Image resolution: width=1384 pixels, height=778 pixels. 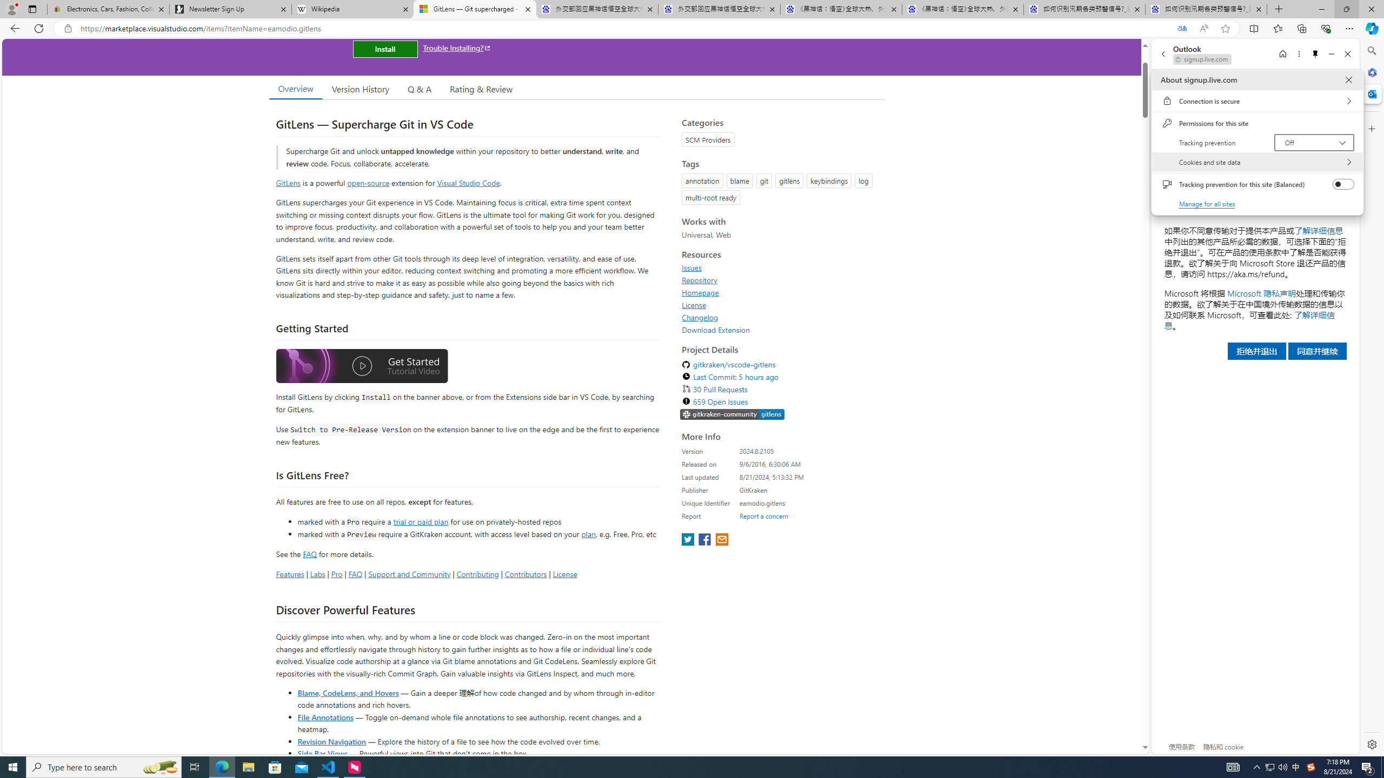 What do you see at coordinates (194, 766) in the screenshot?
I see `'Task View'` at bounding box center [194, 766].